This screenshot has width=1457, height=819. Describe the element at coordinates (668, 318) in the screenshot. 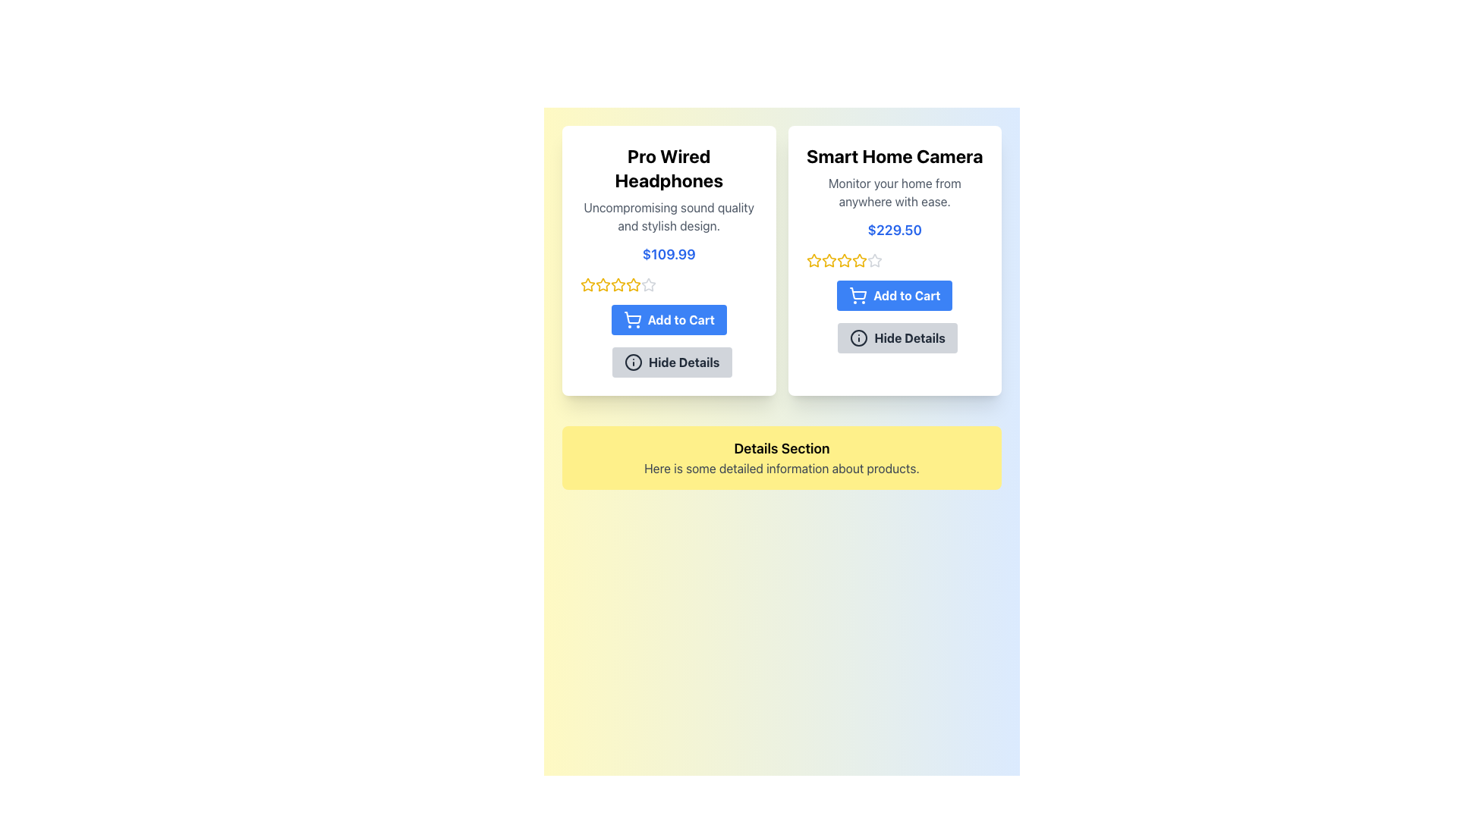

I see `the 'Add to Cart' button for 'Pro Wired Headphones' to transition the background color` at that location.